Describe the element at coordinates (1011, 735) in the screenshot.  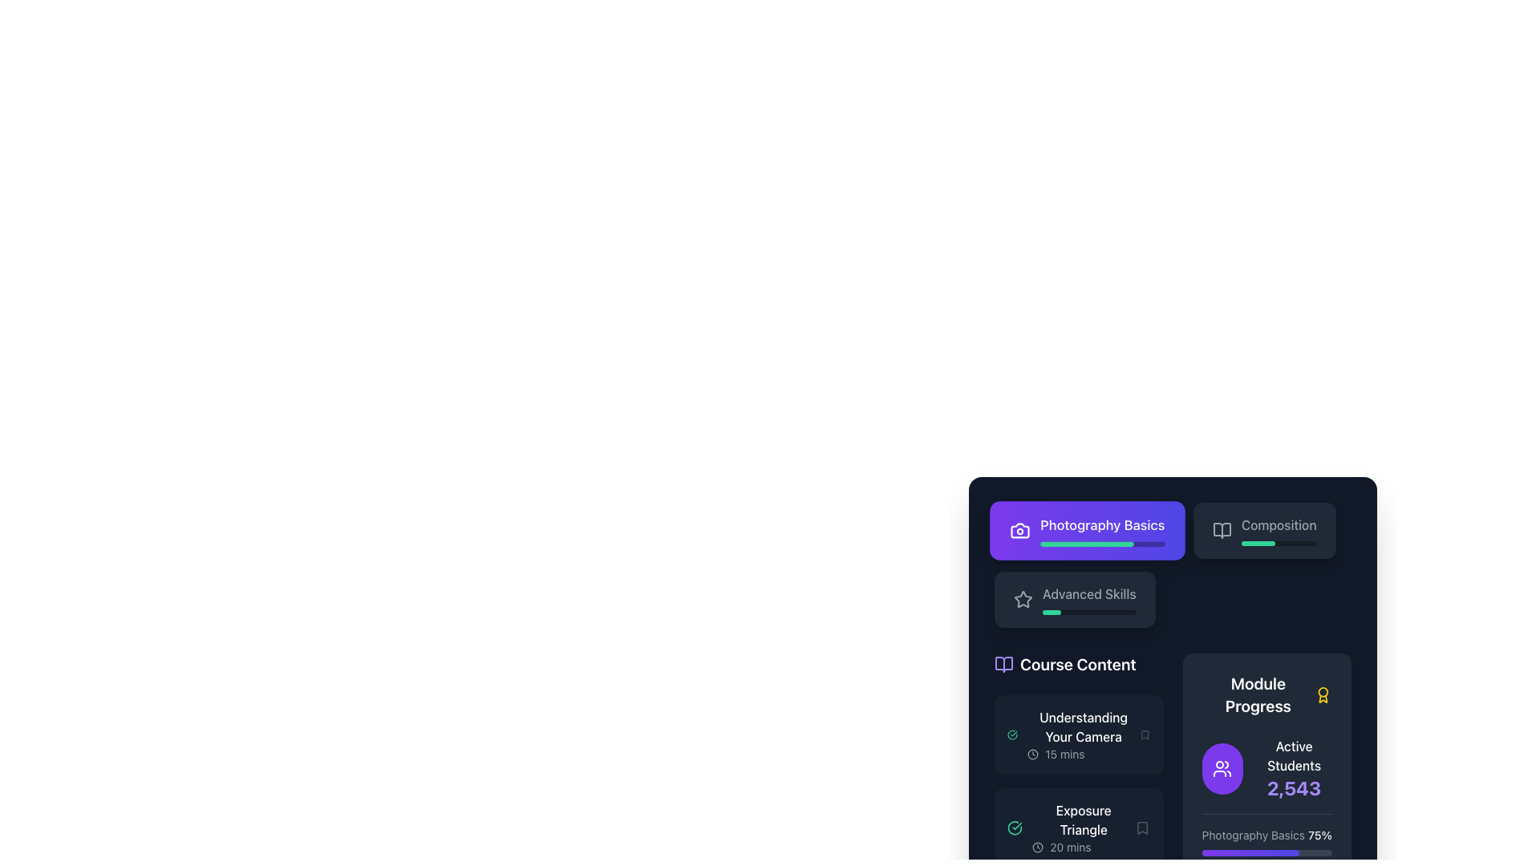
I see `the Icon indicator that shows the completion status of the 'Understanding Your Camera' item, located on the left side of its title in the 'Course Content' section` at that location.